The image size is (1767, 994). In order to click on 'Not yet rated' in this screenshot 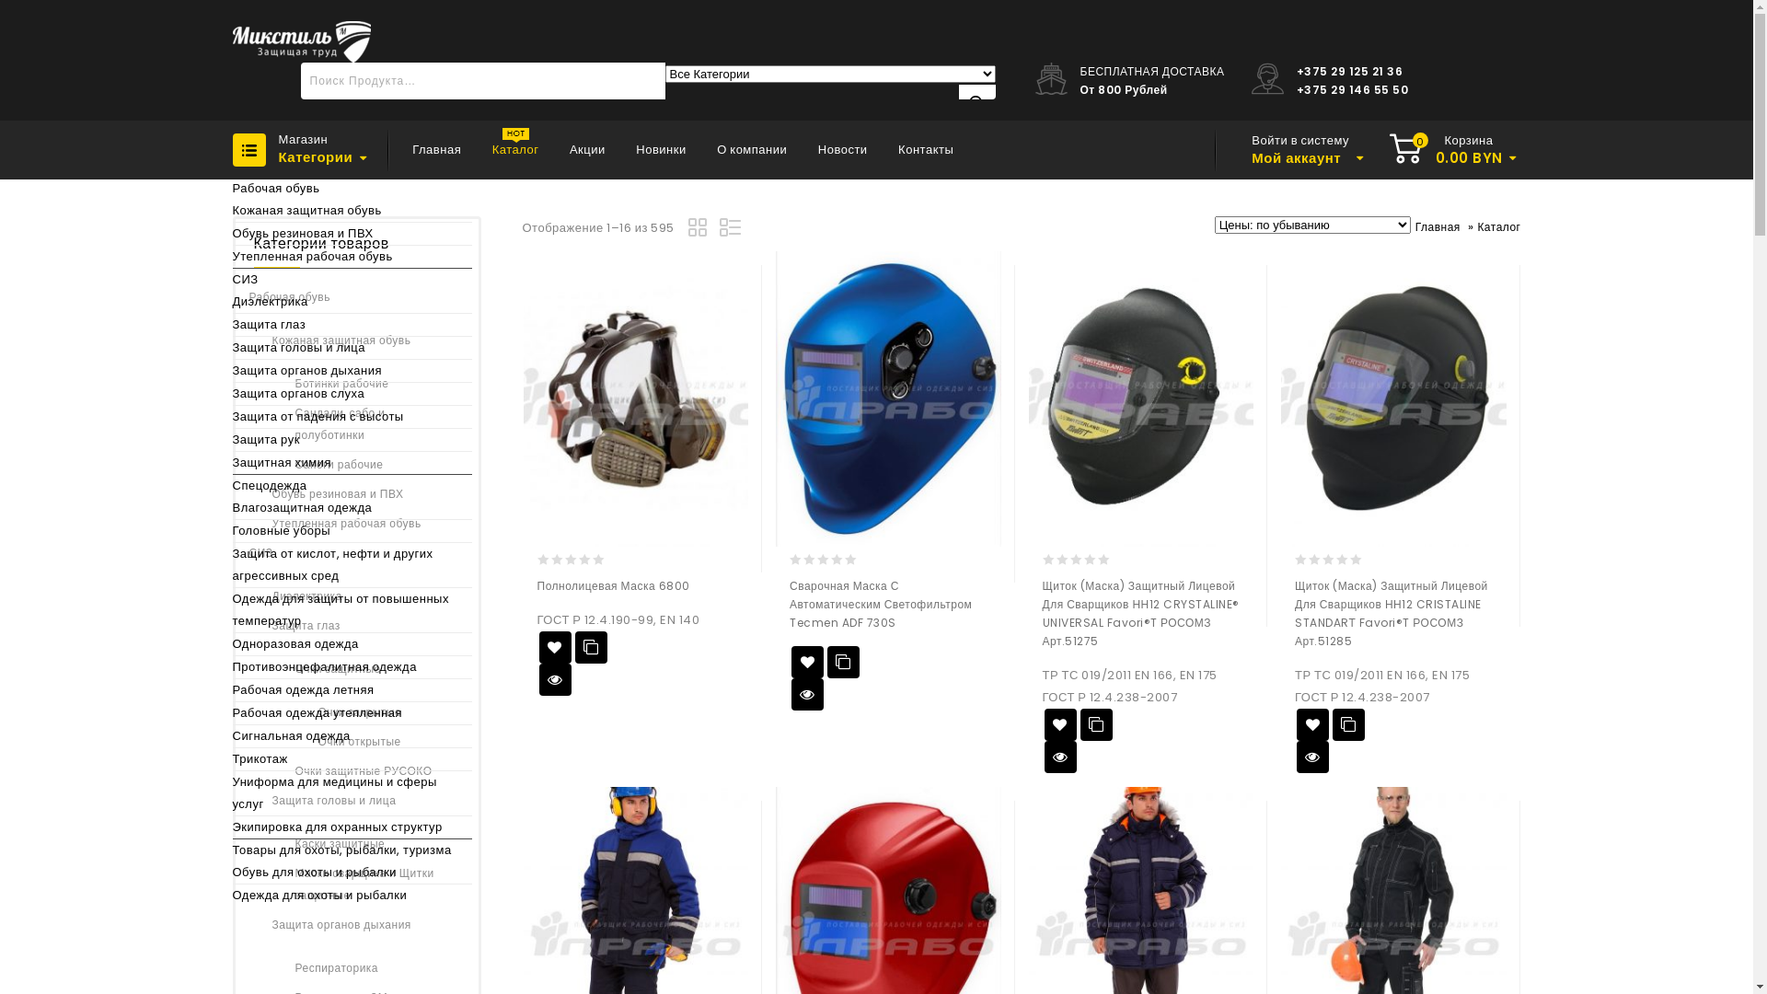, I will do `click(1330, 559)`.